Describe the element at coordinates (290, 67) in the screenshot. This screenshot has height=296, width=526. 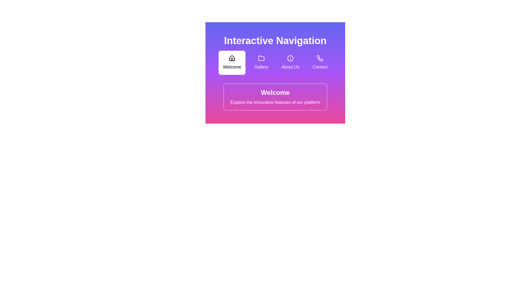
I see `the 'About Us' text label in the horizontal menu bar, situated between 'Gallery' and 'Contact'` at that location.